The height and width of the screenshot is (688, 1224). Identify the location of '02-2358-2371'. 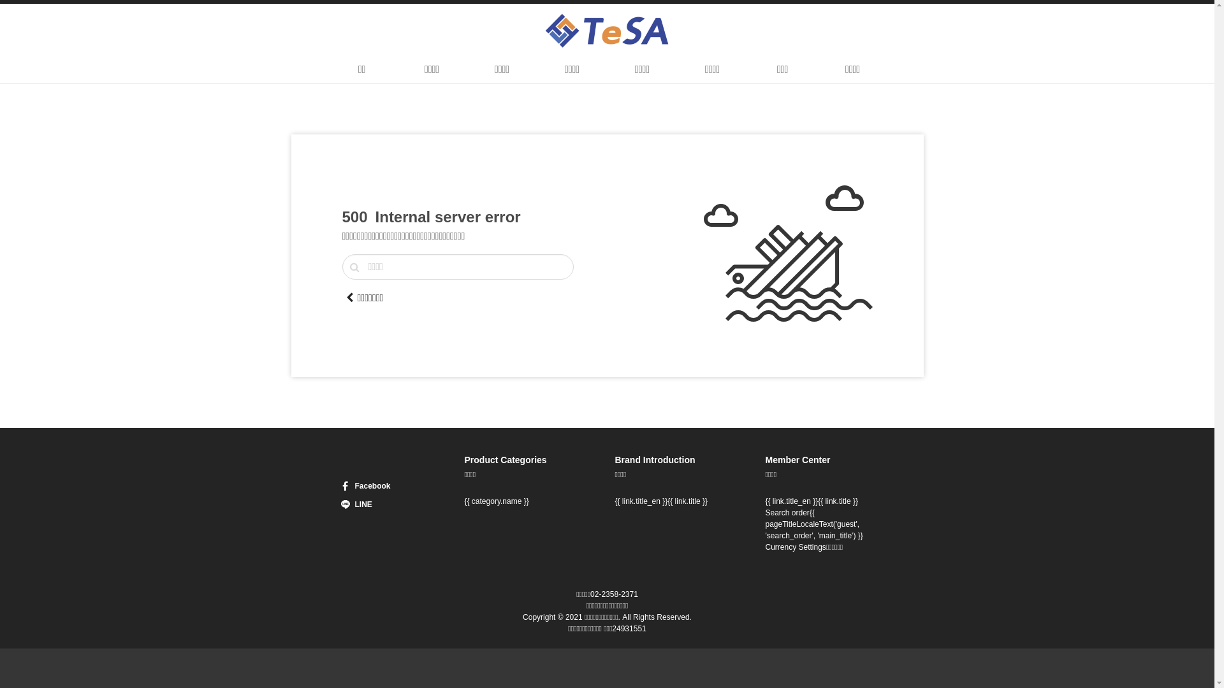
(614, 594).